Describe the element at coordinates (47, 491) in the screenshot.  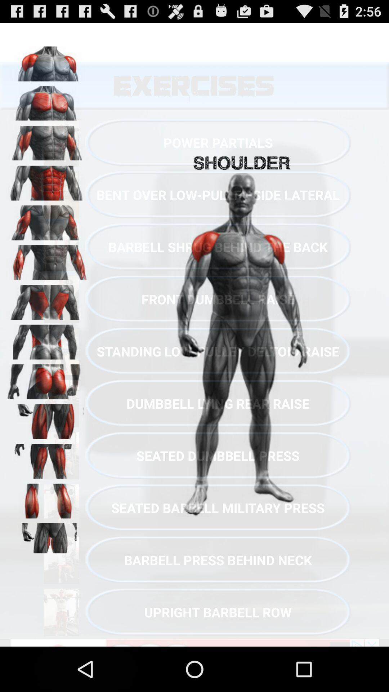
I see `the font icon` at that location.